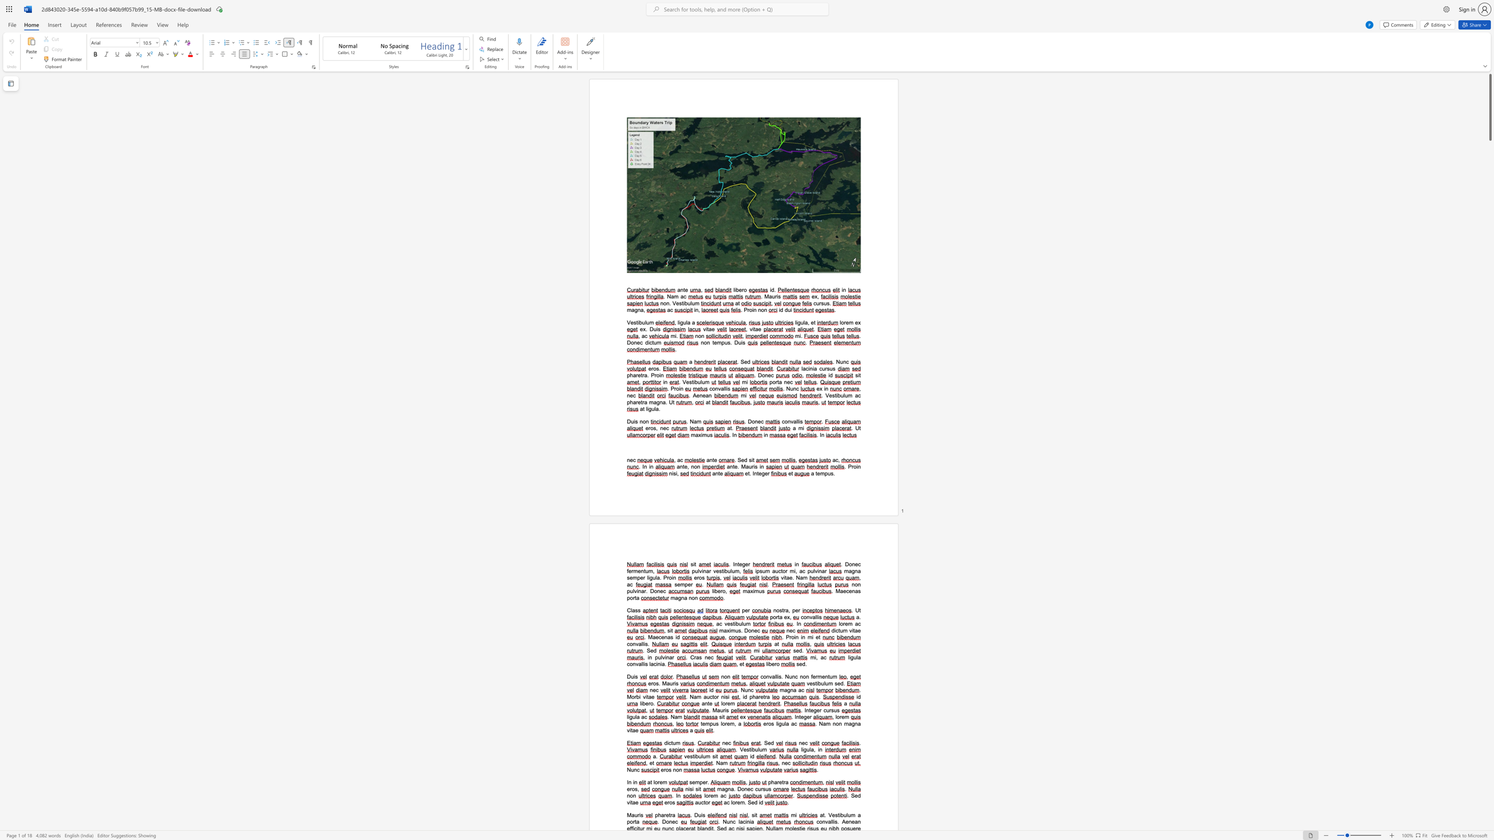  Describe the element at coordinates (828, 683) in the screenshot. I see `the space between the continuous character "u" and "m" in the text` at that location.